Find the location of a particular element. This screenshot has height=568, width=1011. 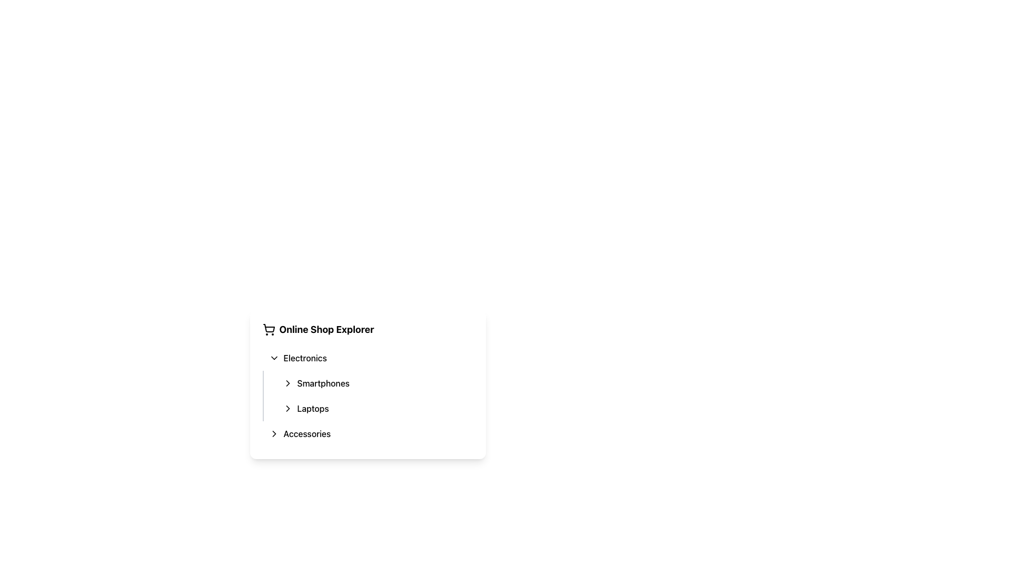

the 'Smartphones' label in the Electronics menu, which is styled in a medium-weight font and is adjacent to a rightward-chevron icon is located at coordinates (323, 383).